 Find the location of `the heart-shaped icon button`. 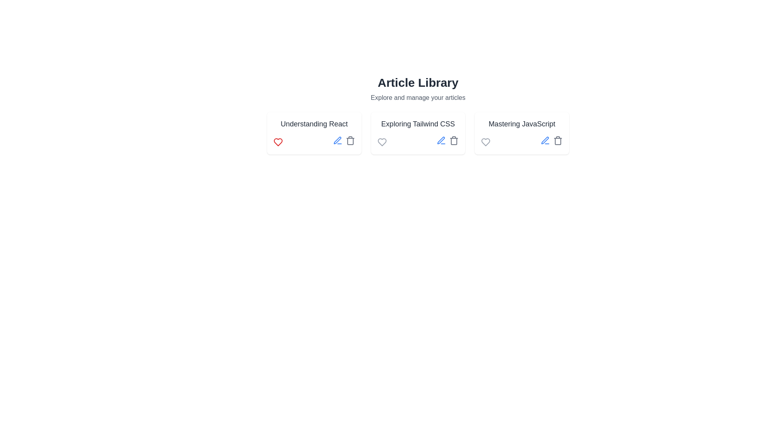

the heart-shaped icon button is located at coordinates (485, 141).